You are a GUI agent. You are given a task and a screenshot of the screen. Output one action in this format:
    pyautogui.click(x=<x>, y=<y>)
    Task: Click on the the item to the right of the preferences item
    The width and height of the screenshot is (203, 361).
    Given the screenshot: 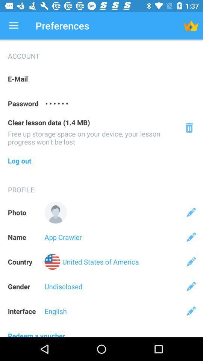 What is the action you would take?
    pyautogui.click(x=191, y=26)
    